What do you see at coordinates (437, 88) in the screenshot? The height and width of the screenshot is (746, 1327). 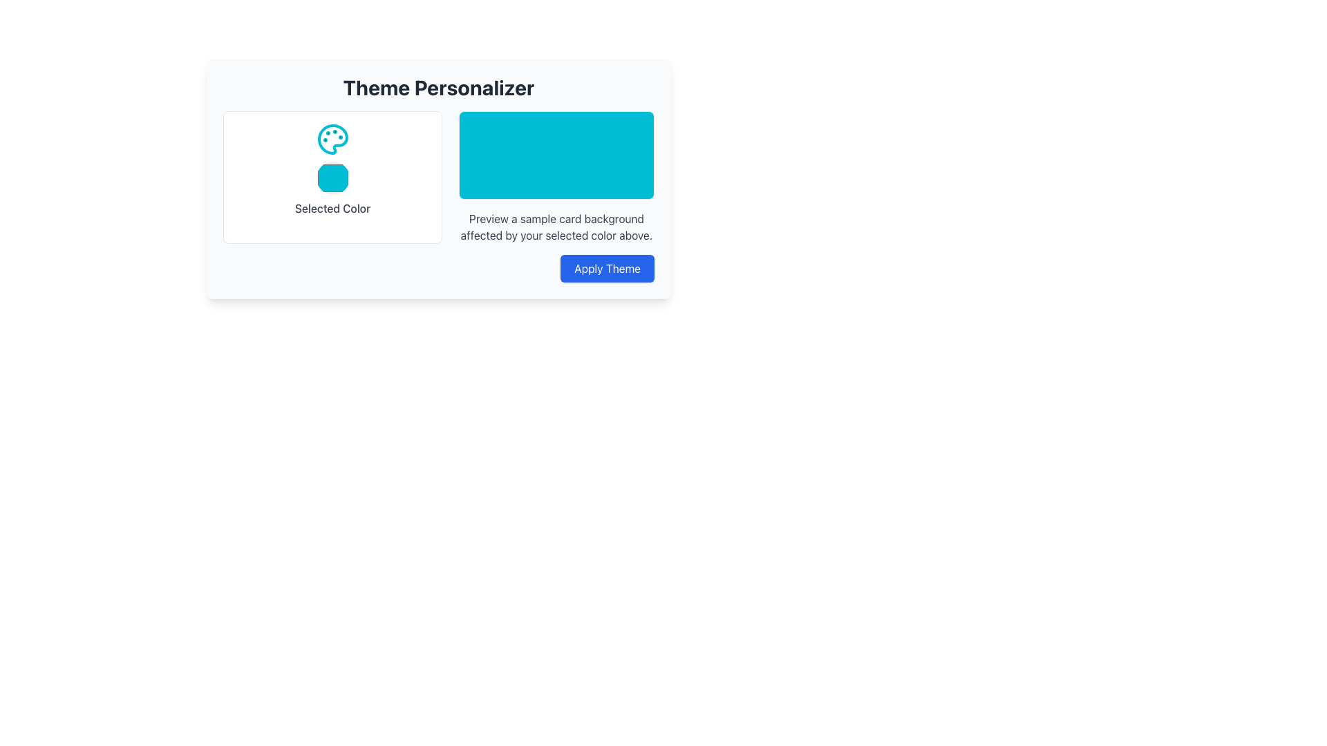 I see `the text label reading 'Theme Personalizer', which is prominently displayed at the top of its section in a bold font with a dark color on a light background` at bounding box center [437, 88].